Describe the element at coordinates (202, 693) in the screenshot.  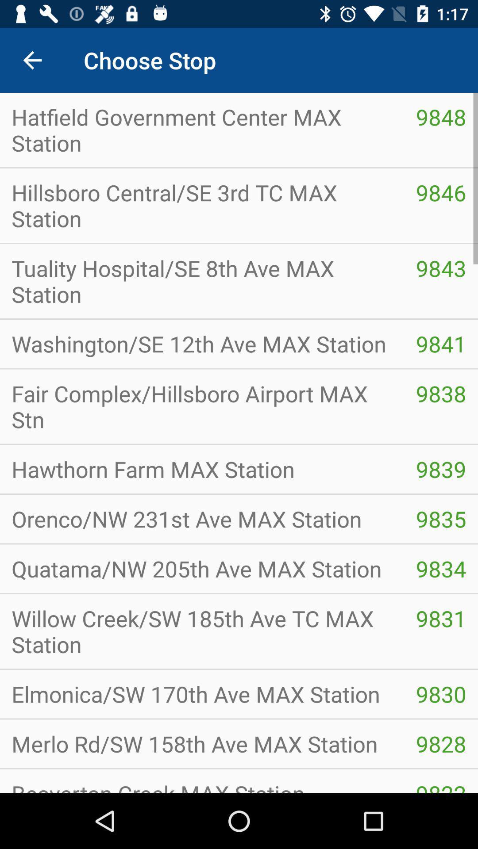
I see `item below the willow creek sw icon` at that location.